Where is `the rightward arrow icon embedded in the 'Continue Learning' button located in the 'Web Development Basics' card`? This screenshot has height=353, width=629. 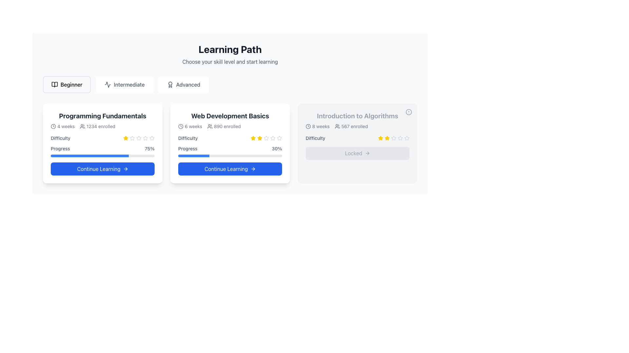 the rightward arrow icon embedded in the 'Continue Learning' button located in the 'Web Development Basics' card is located at coordinates (253, 168).